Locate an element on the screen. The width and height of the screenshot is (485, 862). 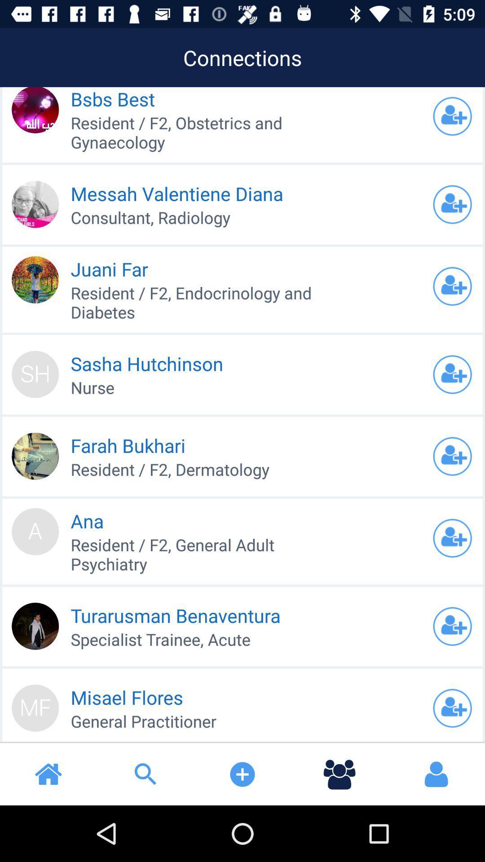
tuarusman benaventura is located at coordinates (452, 626).